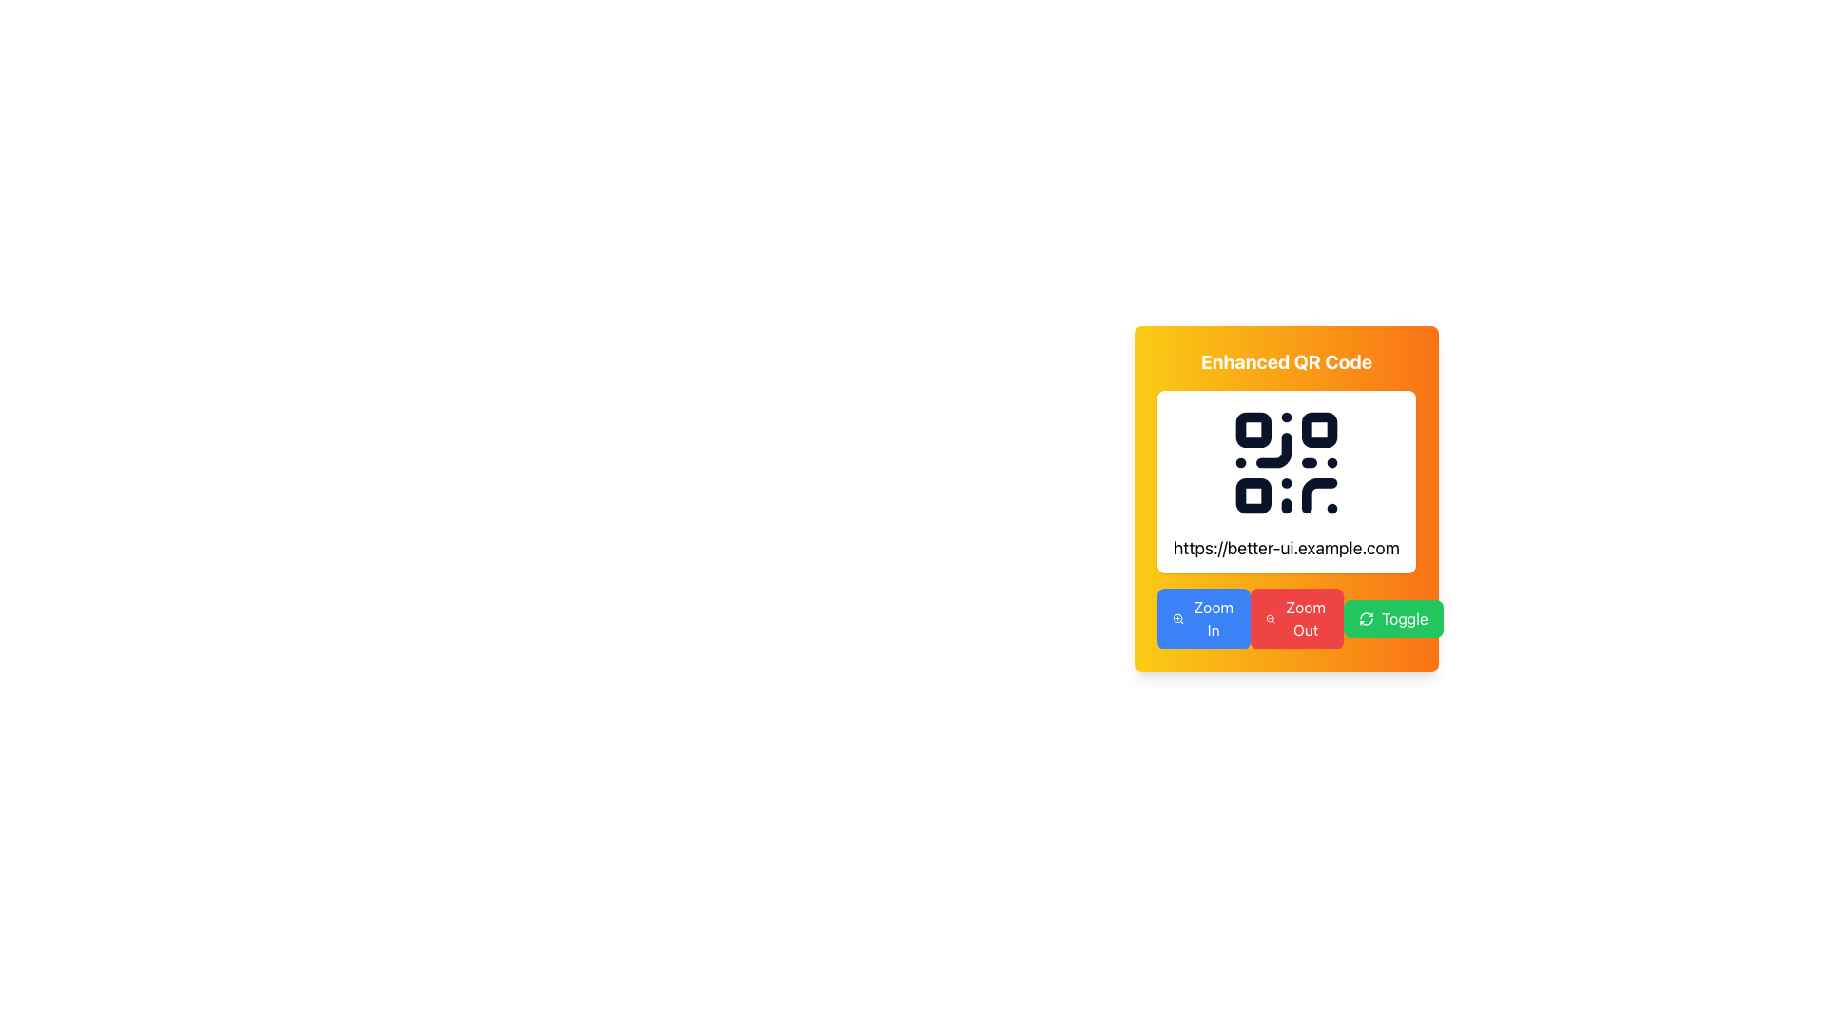 The width and height of the screenshot is (1826, 1027). Describe the element at coordinates (1287, 462) in the screenshot. I see `the QR Code element located within the 'Enhanced QR Code' area which has a yellow background` at that location.